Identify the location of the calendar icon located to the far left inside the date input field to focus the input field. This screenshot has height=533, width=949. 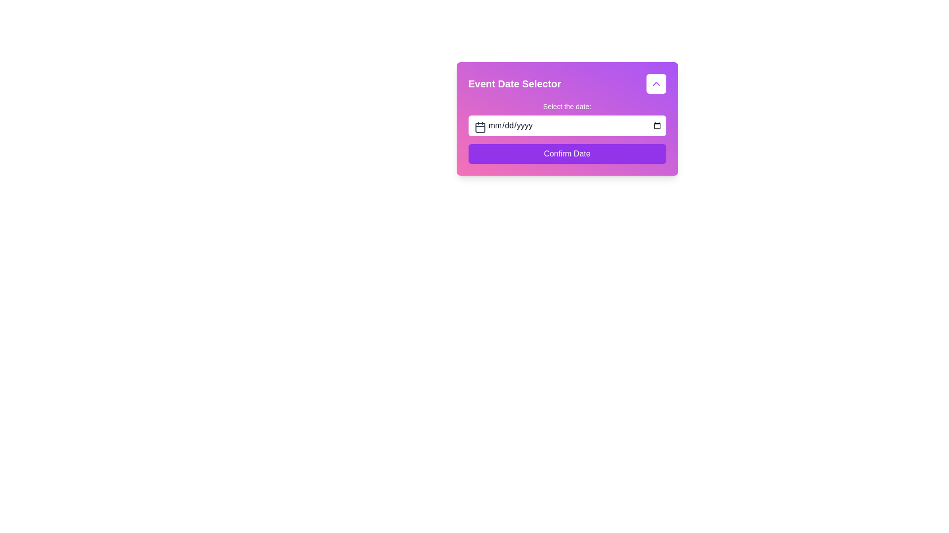
(480, 127).